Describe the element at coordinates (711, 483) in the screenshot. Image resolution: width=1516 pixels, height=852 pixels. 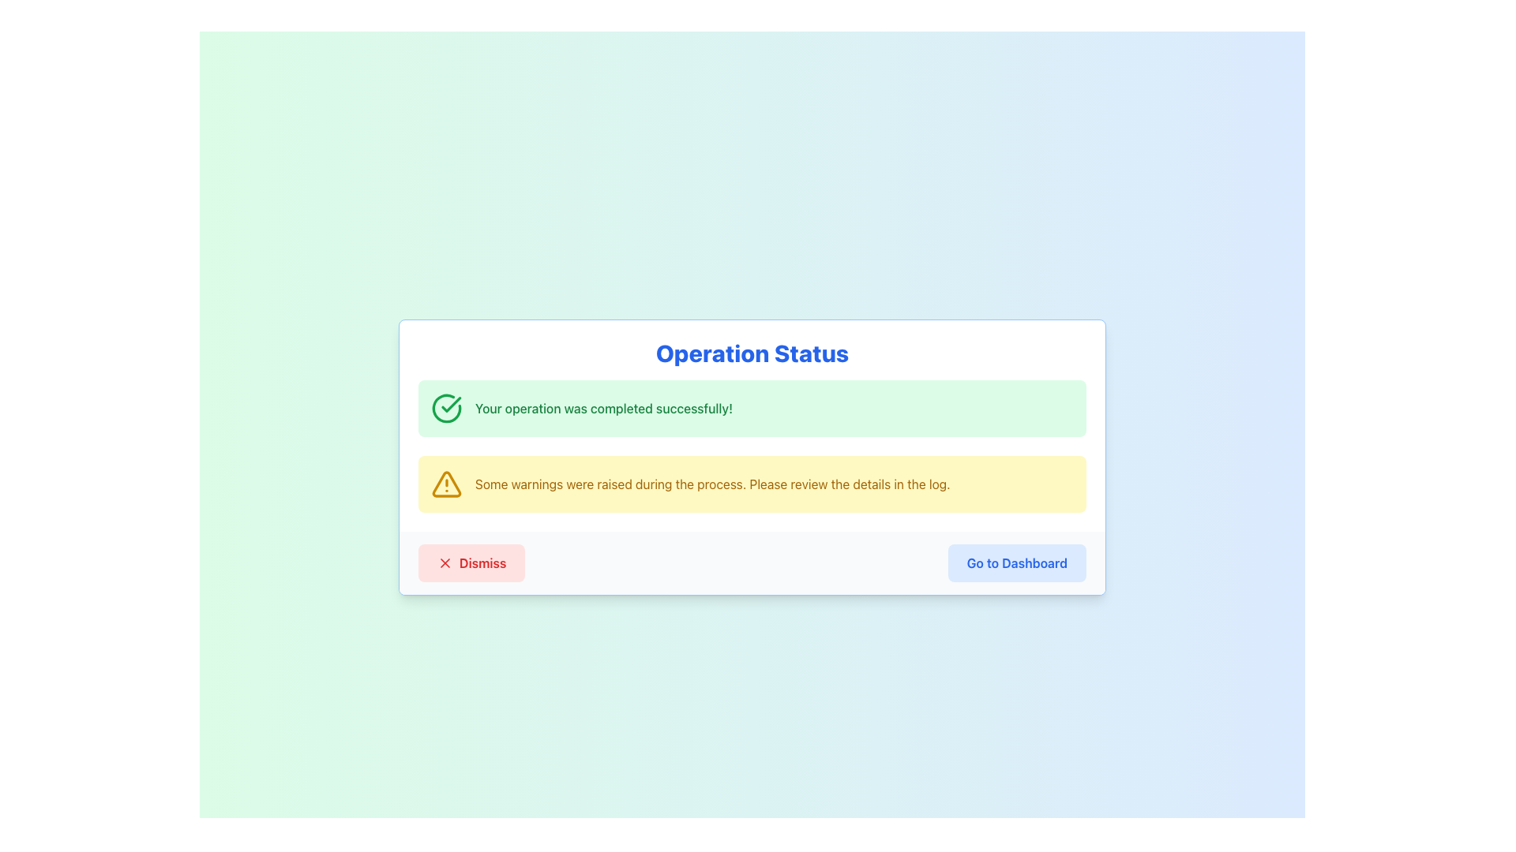
I see `warning text that provides information about issues during a process, located to the right of the yellow warning triangle icon` at that location.